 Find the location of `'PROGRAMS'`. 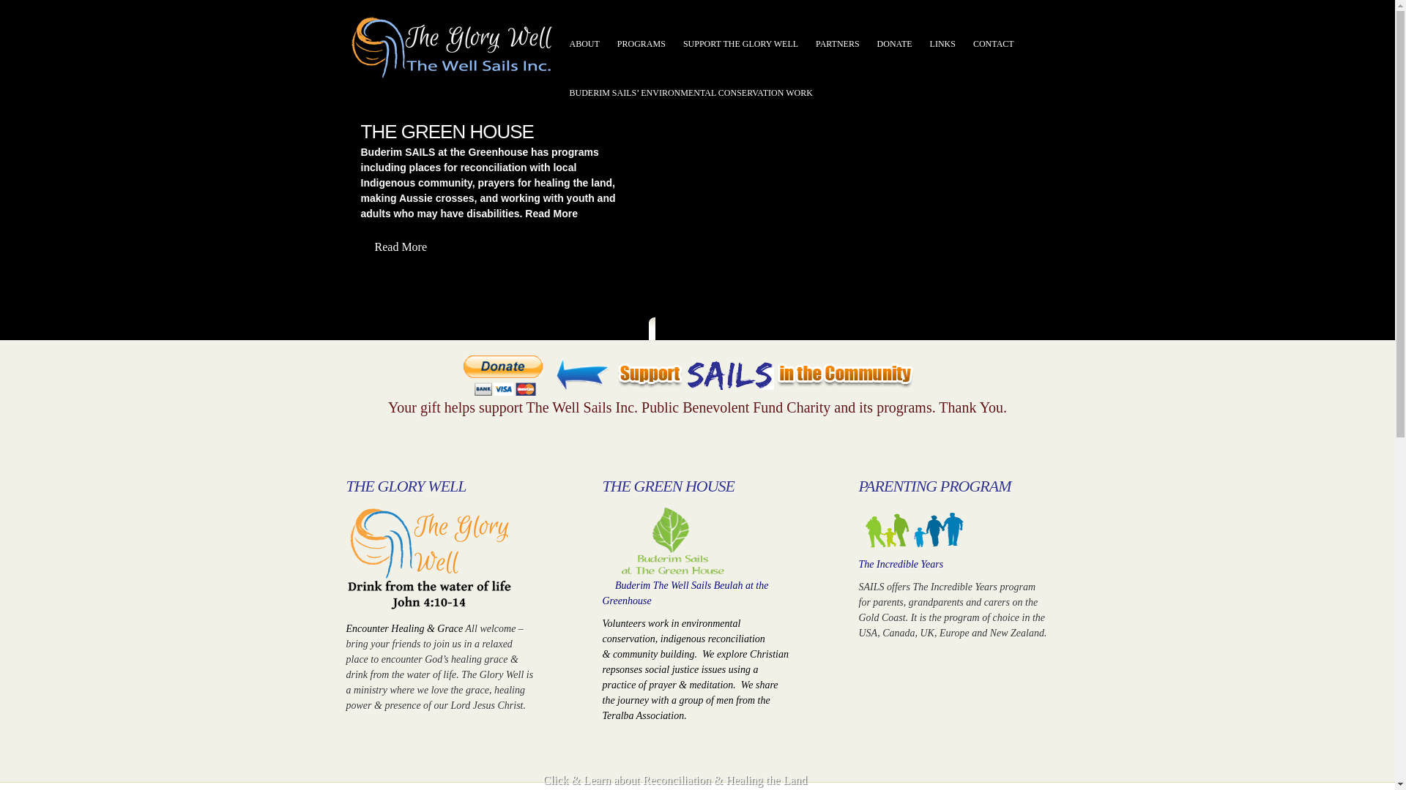

'PROGRAMS' is located at coordinates (641, 43).